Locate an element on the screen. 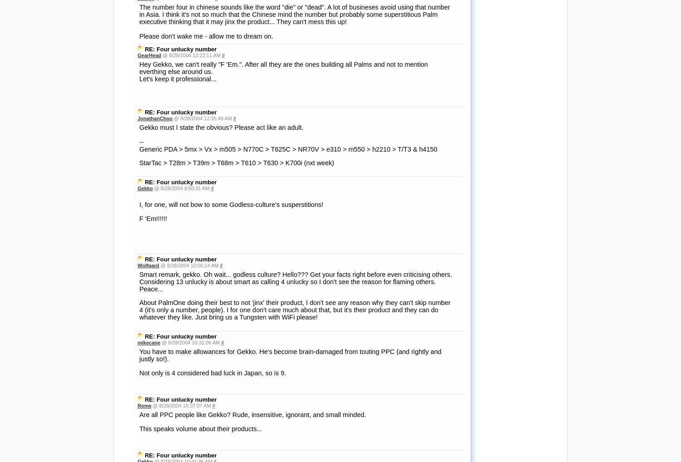  '@ 8/28/2004 12:35:48 AM' is located at coordinates (202, 118).